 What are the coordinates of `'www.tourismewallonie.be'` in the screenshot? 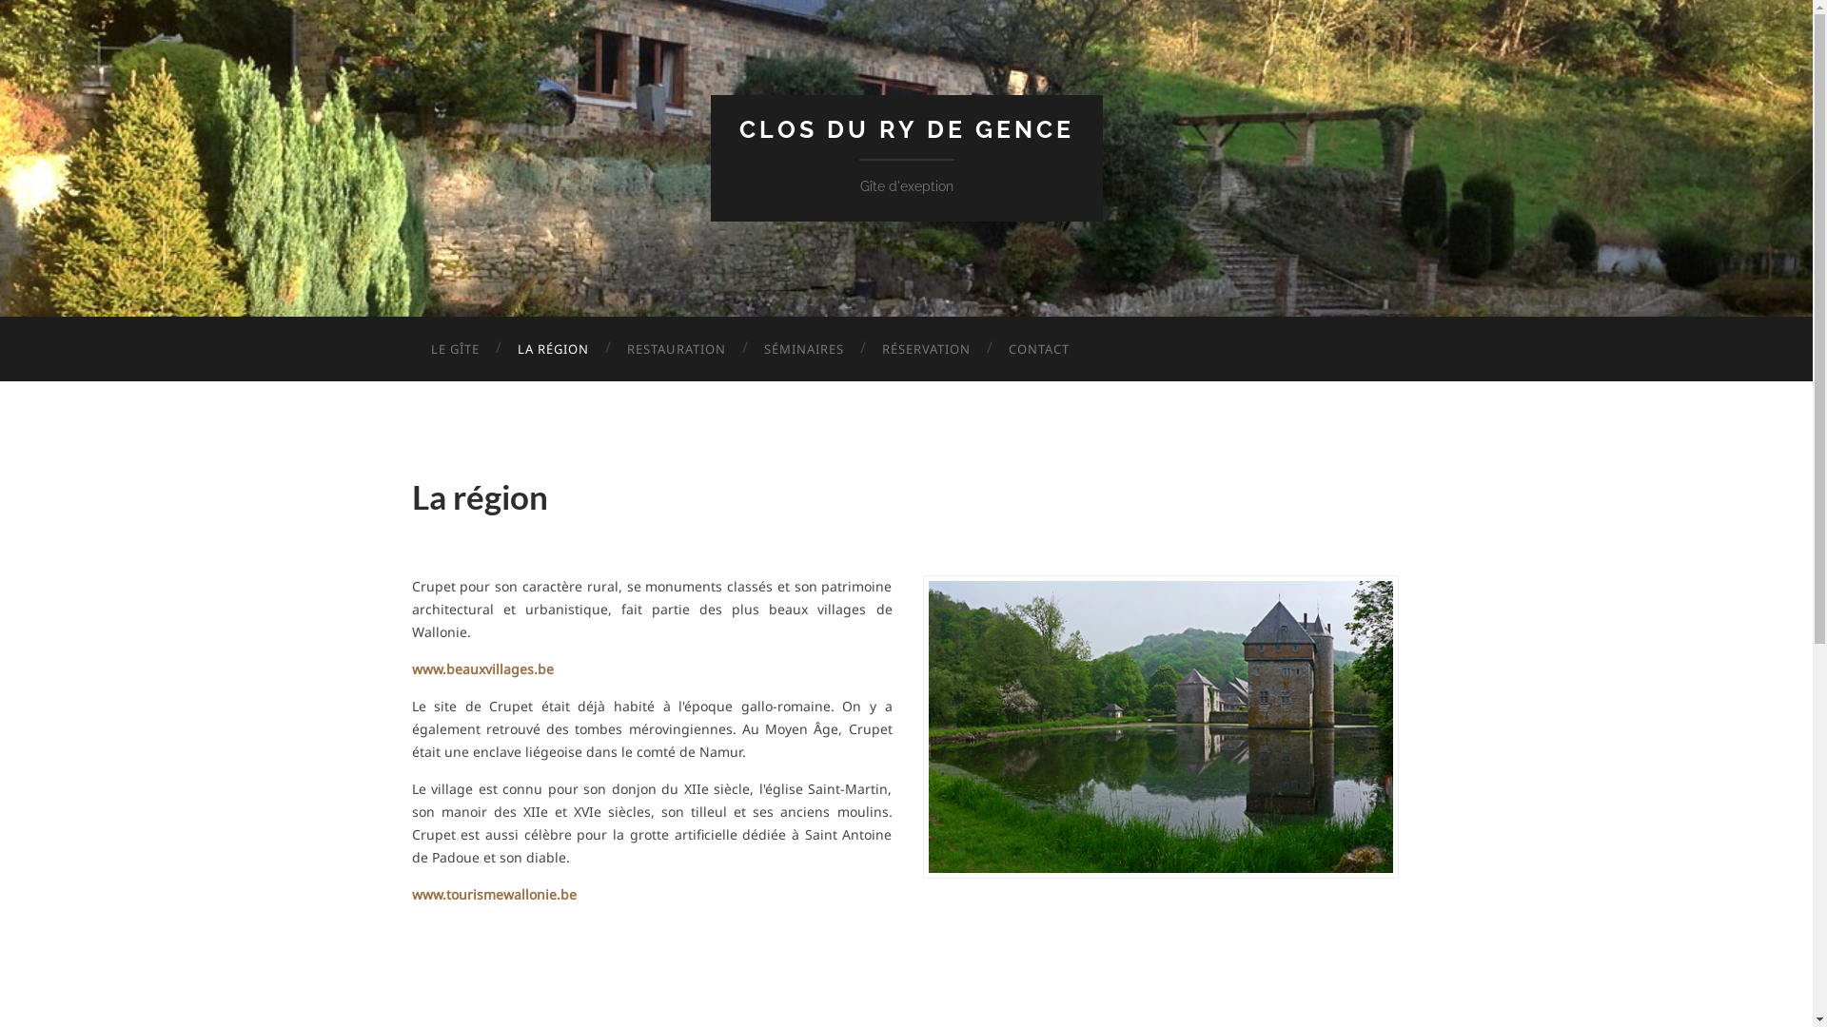 It's located at (410, 894).